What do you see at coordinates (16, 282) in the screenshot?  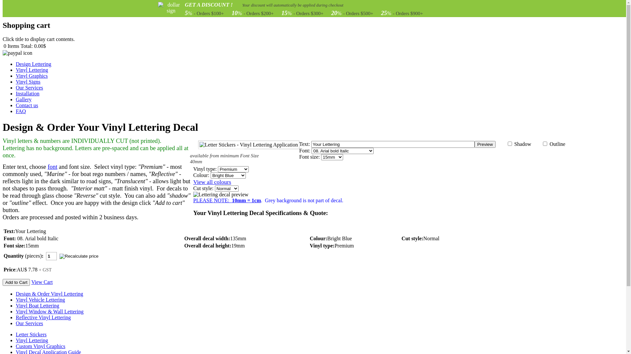 I see `'Add your lettering decal to the shopping cart'` at bounding box center [16, 282].